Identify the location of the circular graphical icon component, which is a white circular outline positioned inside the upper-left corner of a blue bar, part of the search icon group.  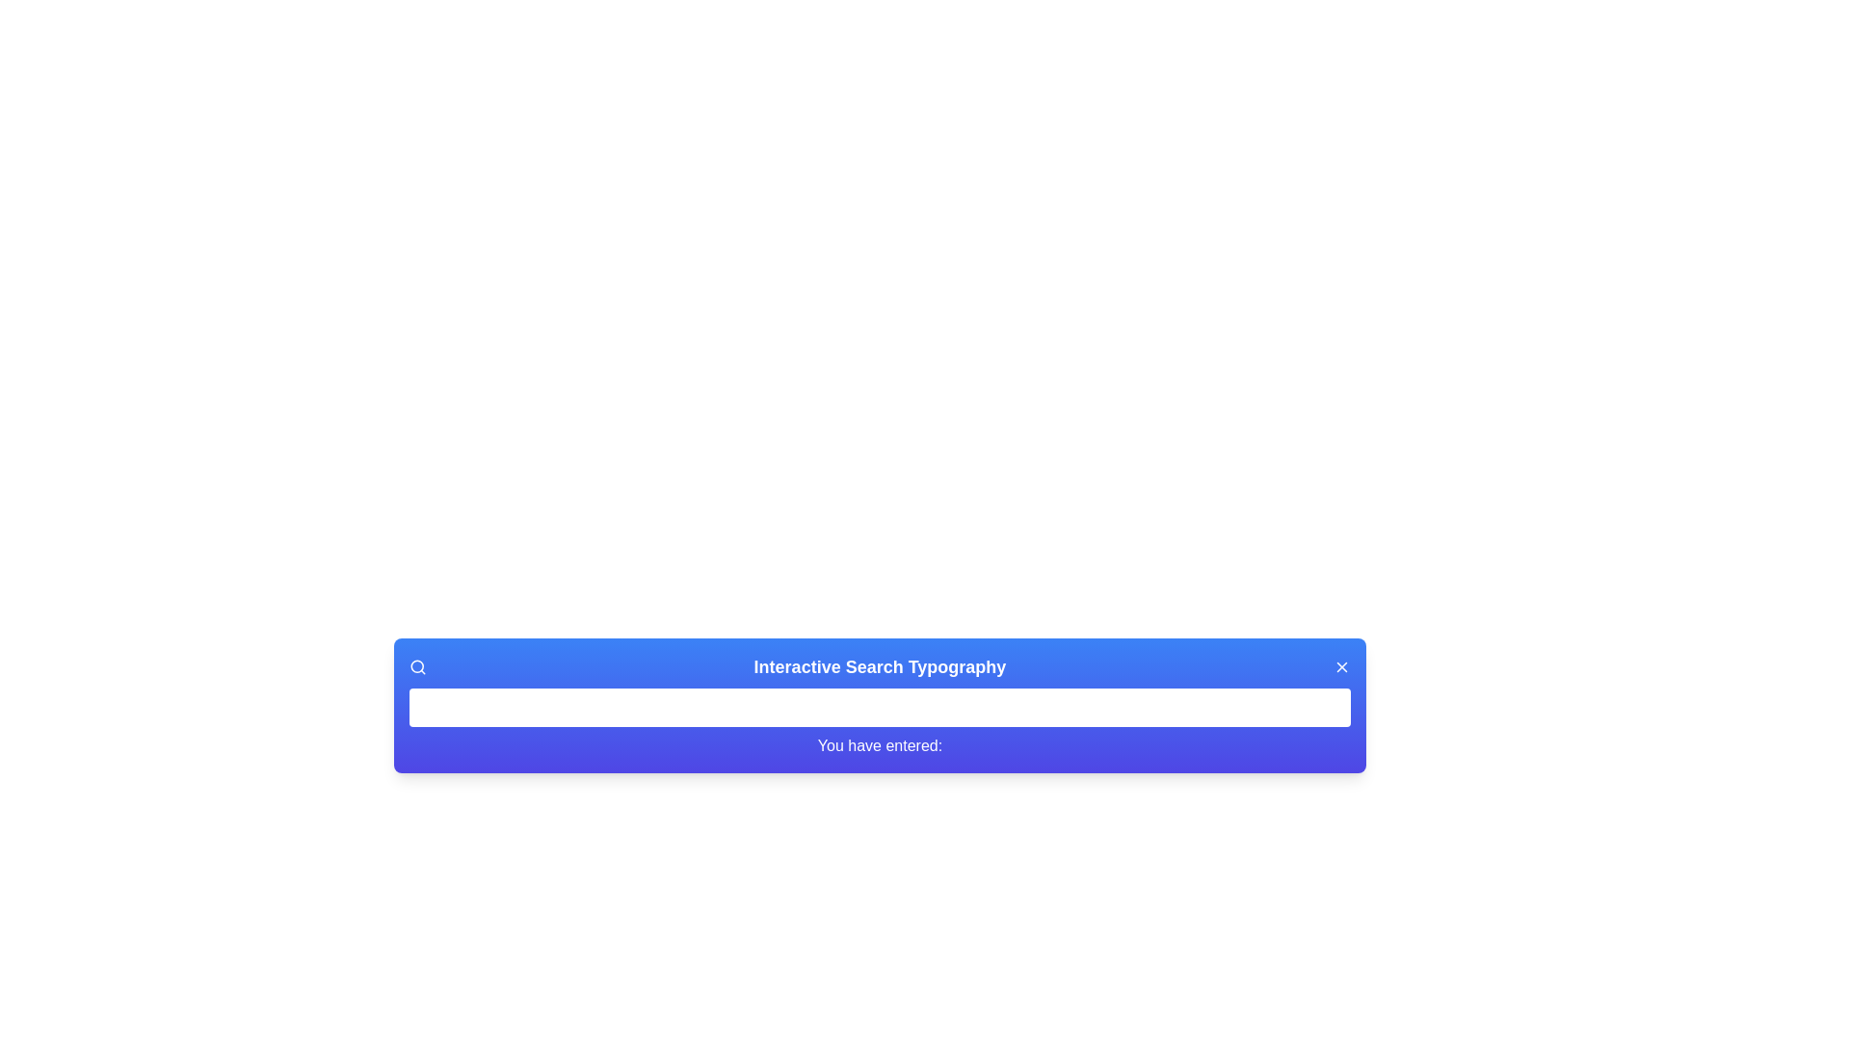
(416, 665).